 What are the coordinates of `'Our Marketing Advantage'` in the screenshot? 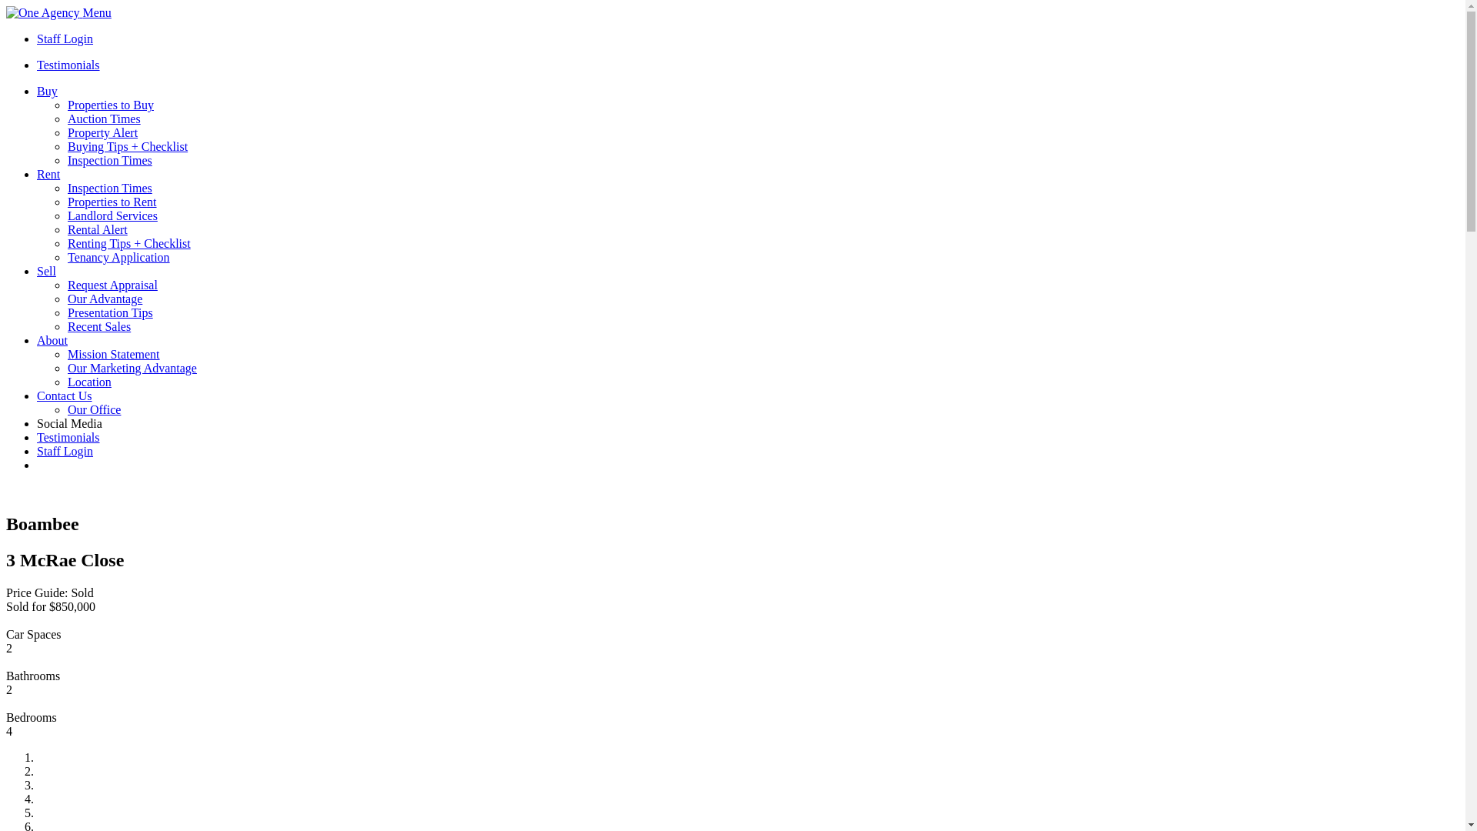 It's located at (132, 368).